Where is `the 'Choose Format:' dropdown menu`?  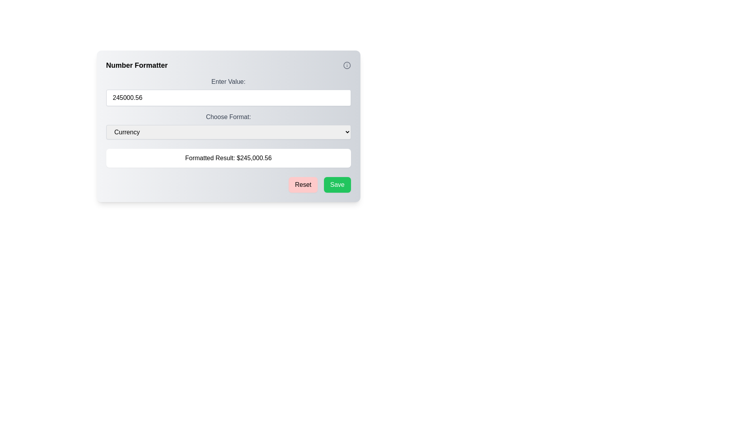
the 'Choose Format:' dropdown menu is located at coordinates (228, 125).